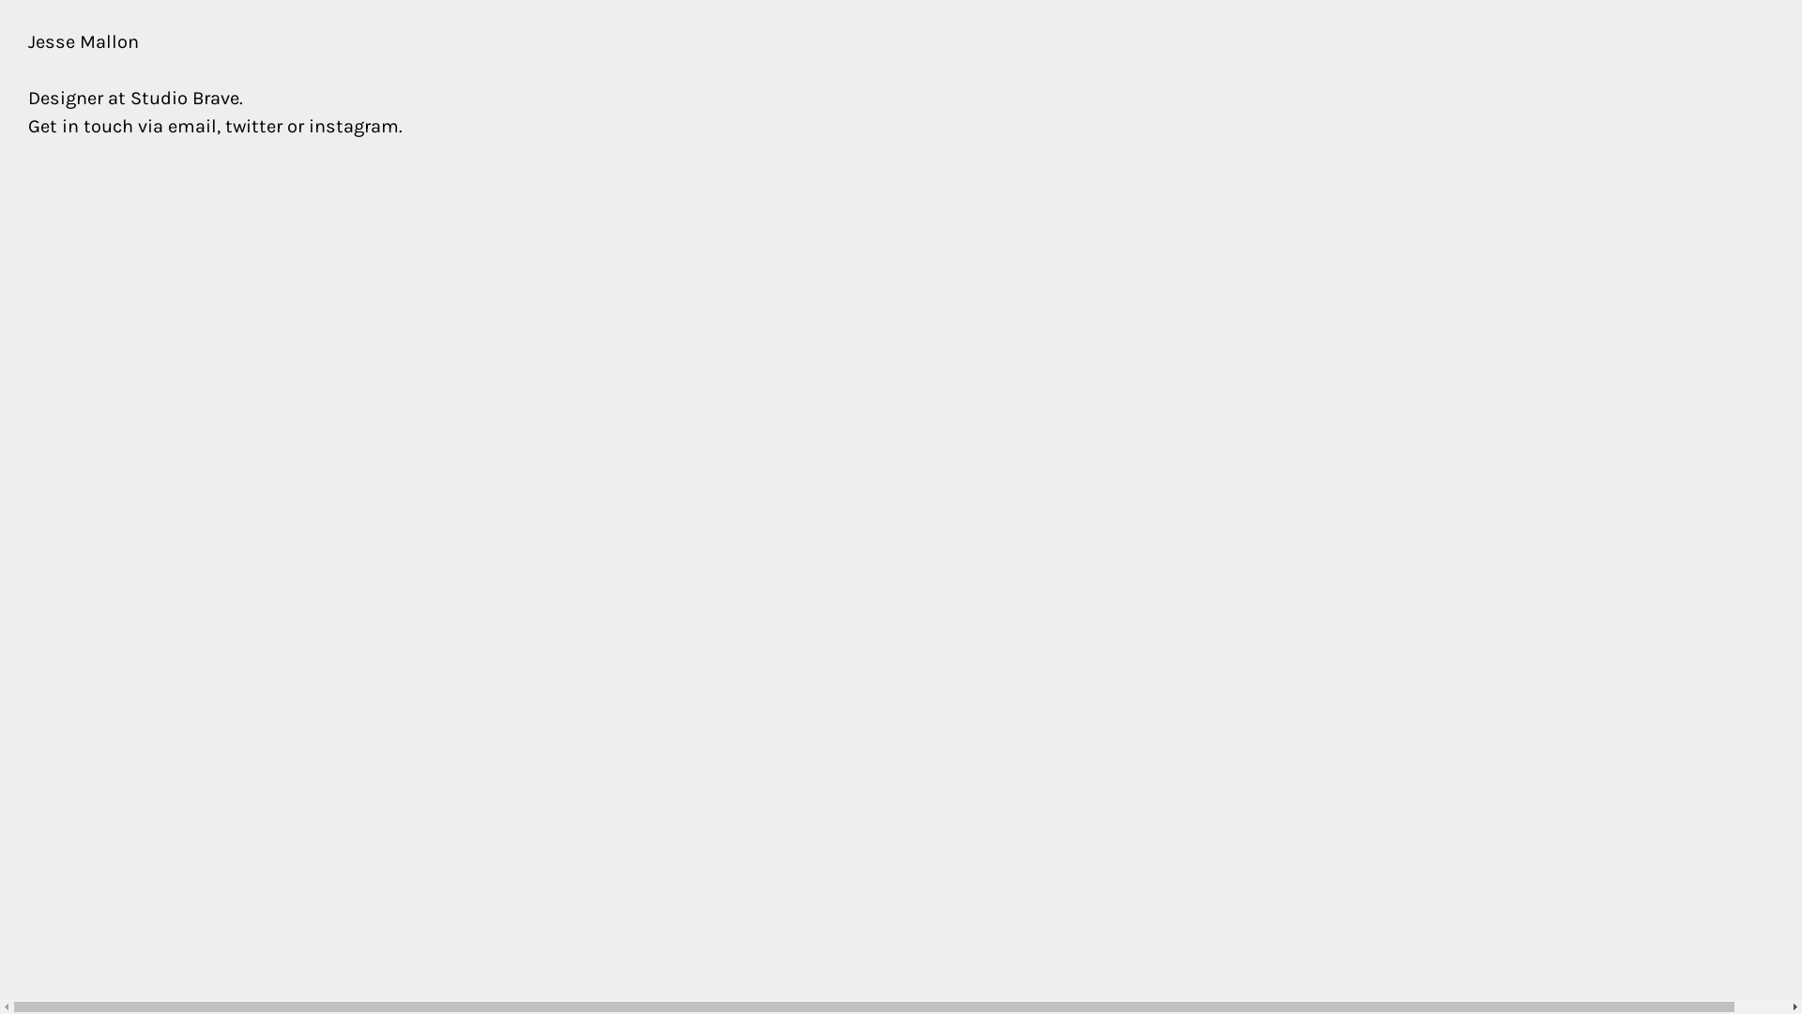  I want to click on 'email', so click(192, 126).